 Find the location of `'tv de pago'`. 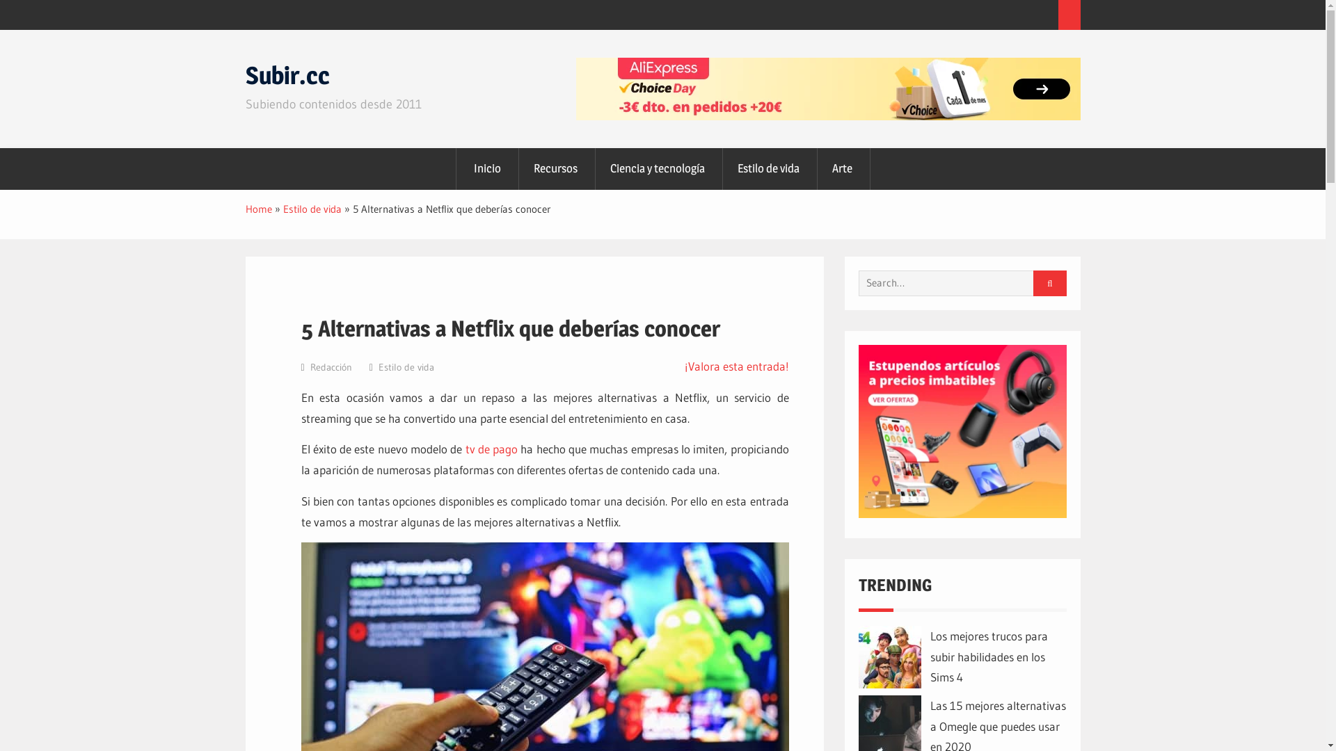

'tv de pago' is located at coordinates (491, 449).